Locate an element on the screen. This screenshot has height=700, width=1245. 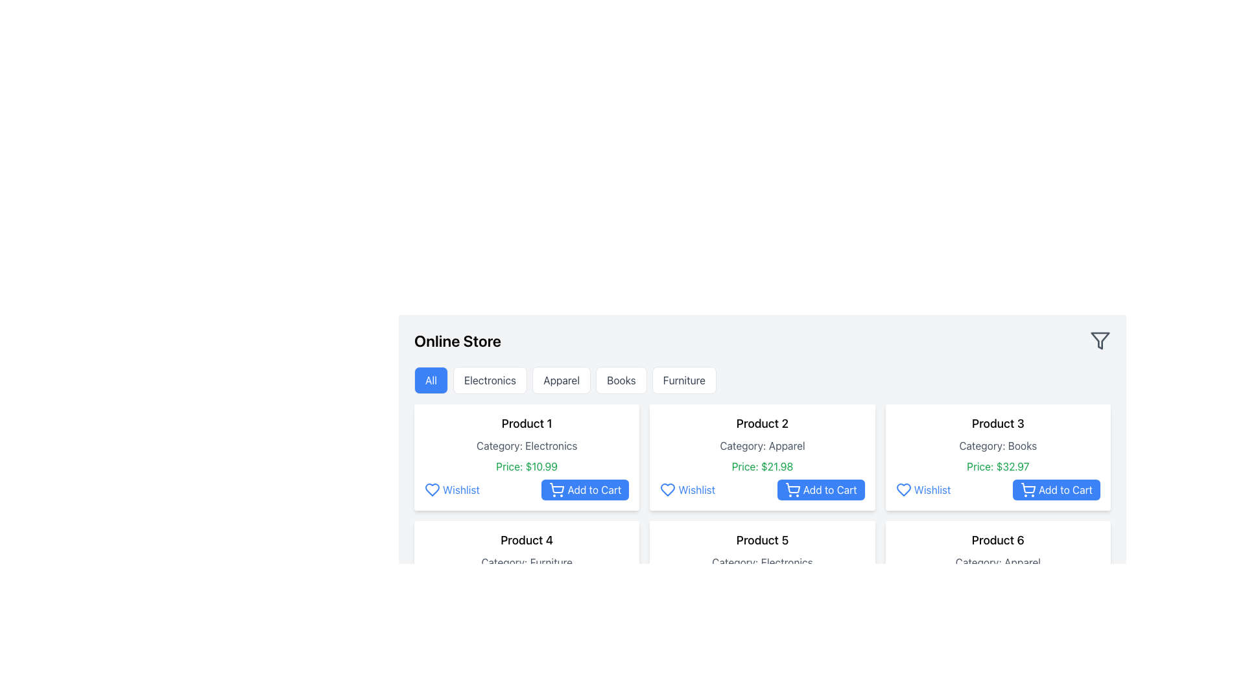
the 'Add to Cart' button with a bright blue background and white text located under 'Product 2' is located at coordinates (820, 490).